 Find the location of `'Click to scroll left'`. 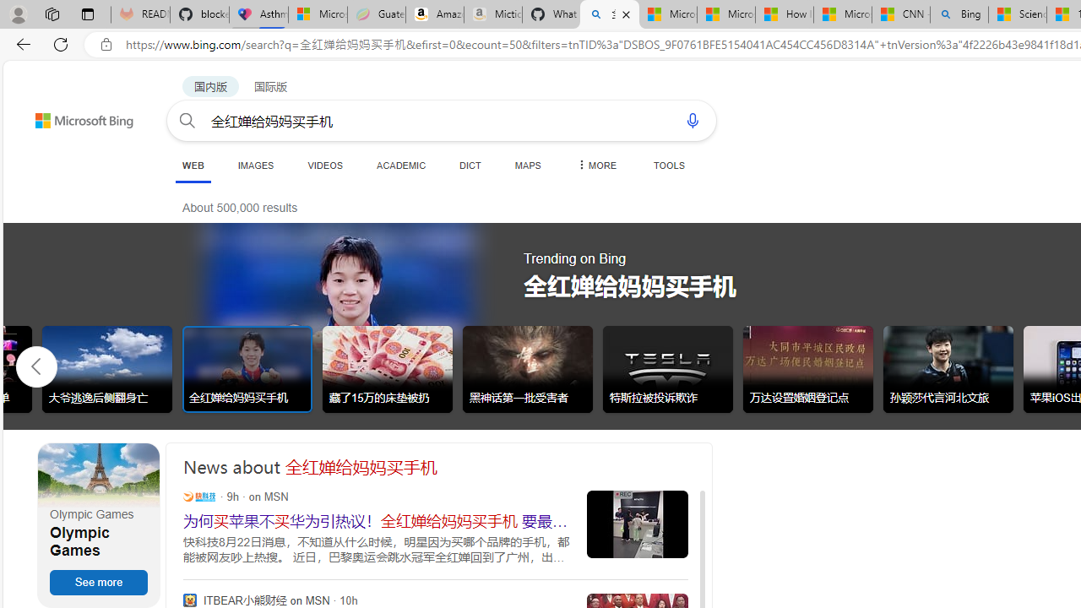

'Click to scroll left' is located at coordinates (37, 365).